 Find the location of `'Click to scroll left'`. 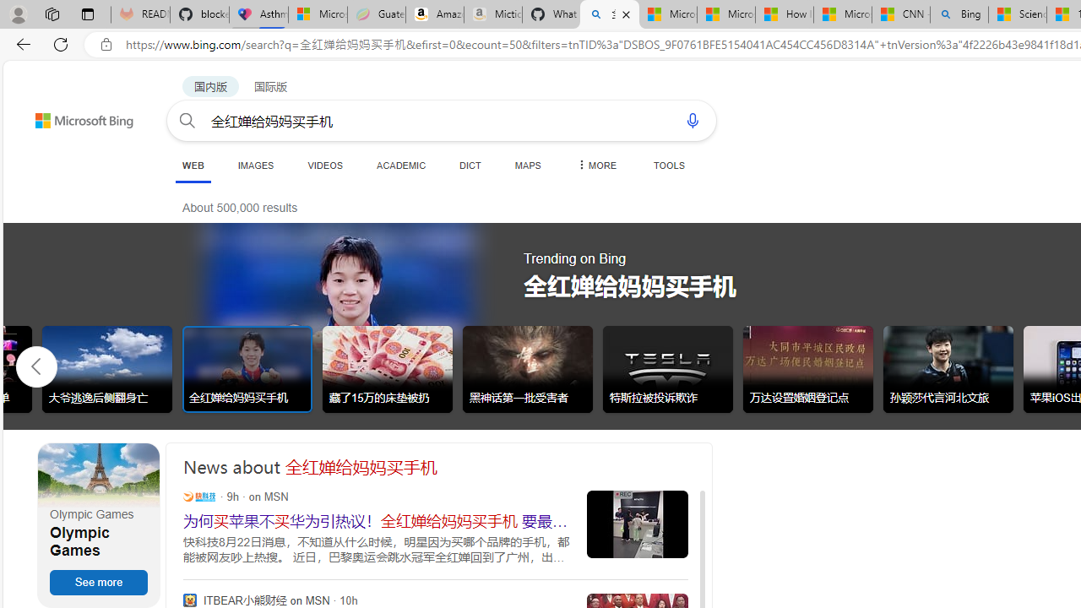

'Click to scroll left' is located at coordinates (37, 365).